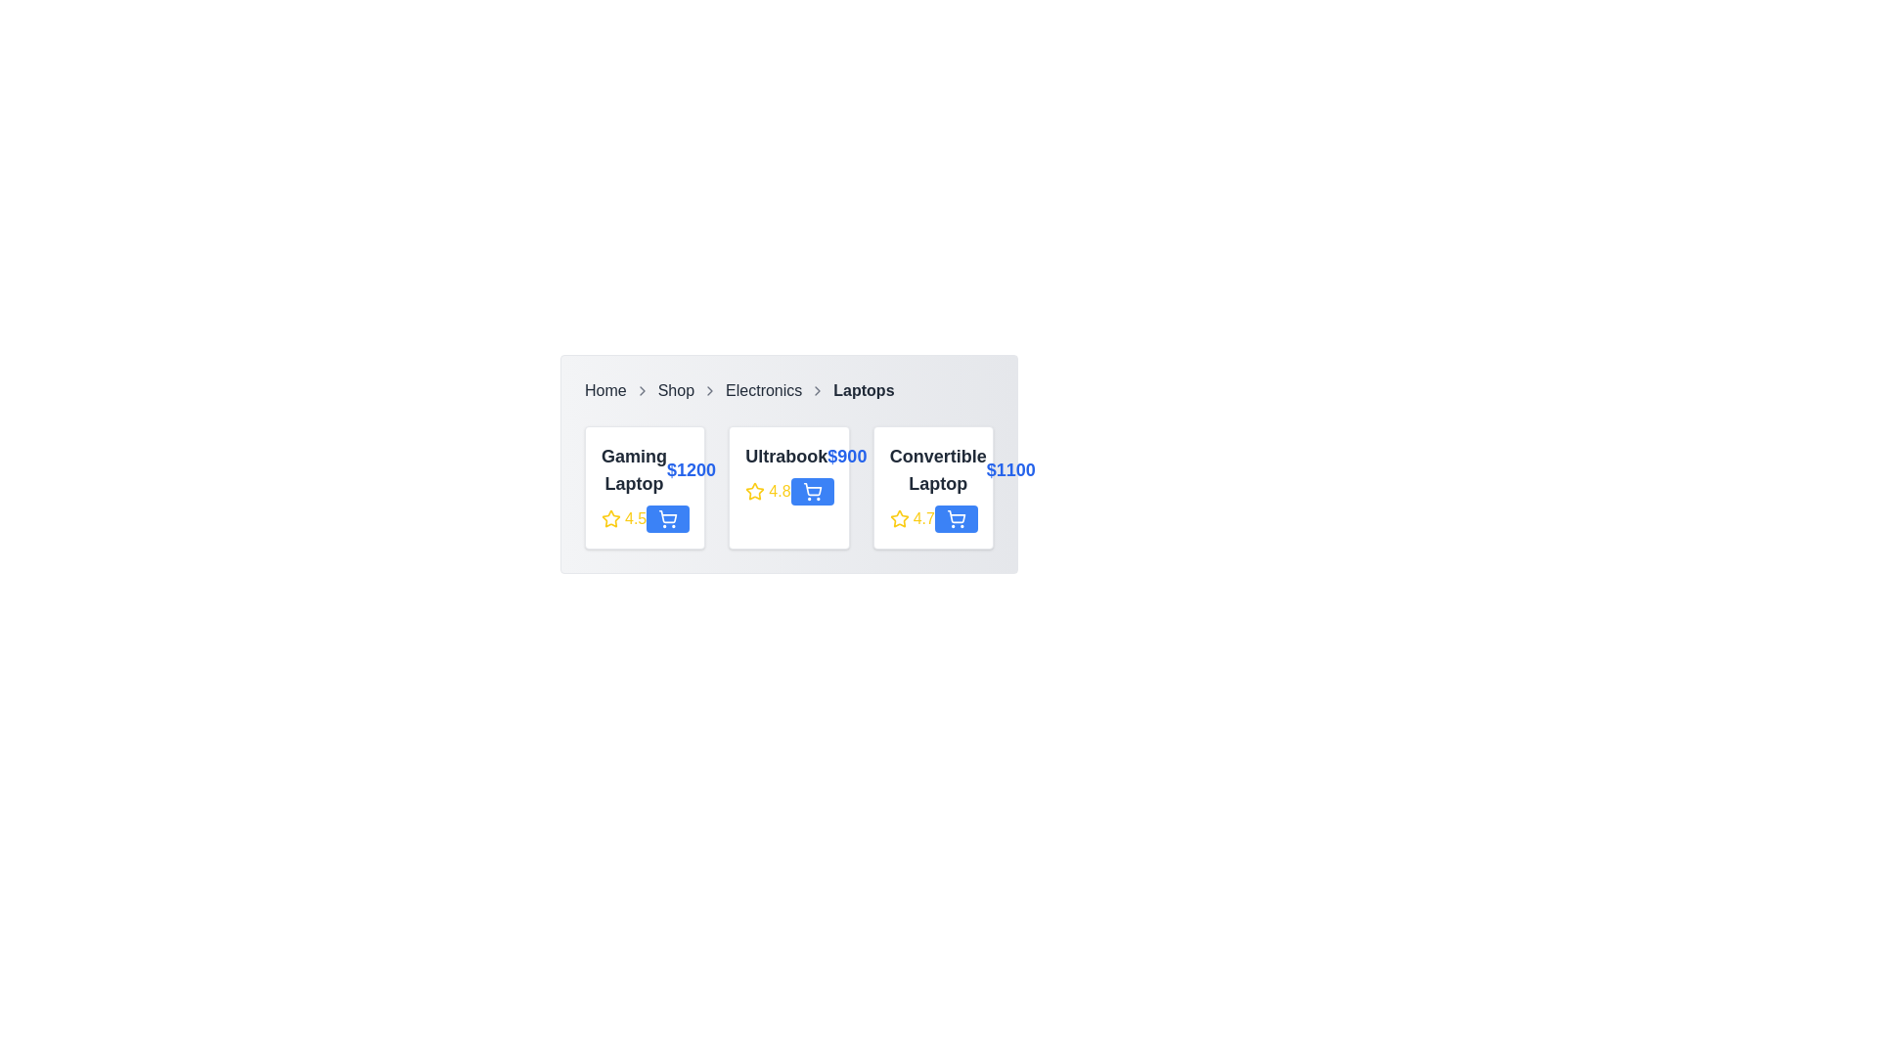 Image resolution: width=1878 pixels, height=1056 pixels. What do you see at coordinates (754, 490) in the screenshot?
I see `the star-shaped icon with an outlined yellow appearance located next to the numeric rating '4.8' in the ultrabook section` at bounding box center [754, 490].